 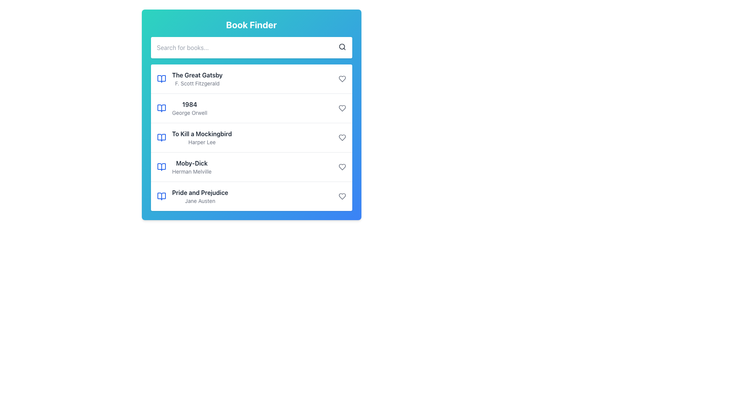 I want to click on the magnifying glass icon button located at the top-right corner of the rounded text input box, so click(x=342, y=47).